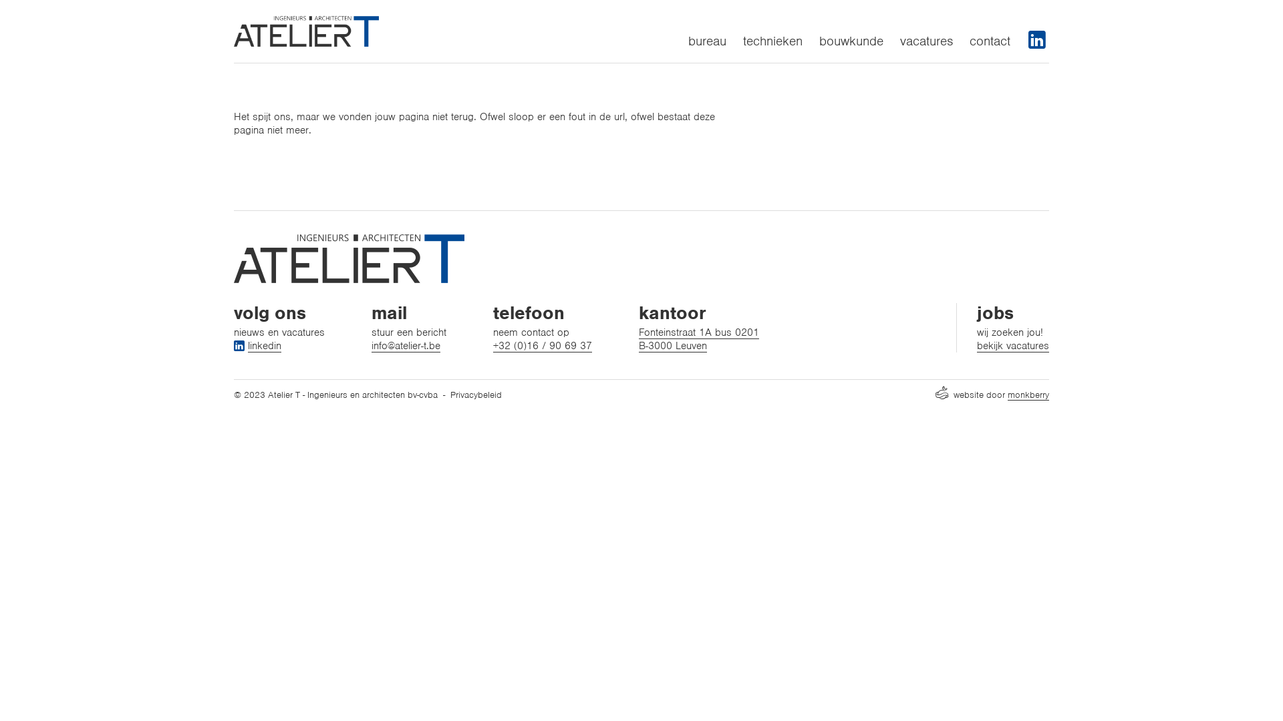 Image resolution: width=1283 pixels, height=721 pixels. What do you see at coordinates (305, 30) in the screenshot?
I see `'atelier t'` at bounding box center [305, 30].